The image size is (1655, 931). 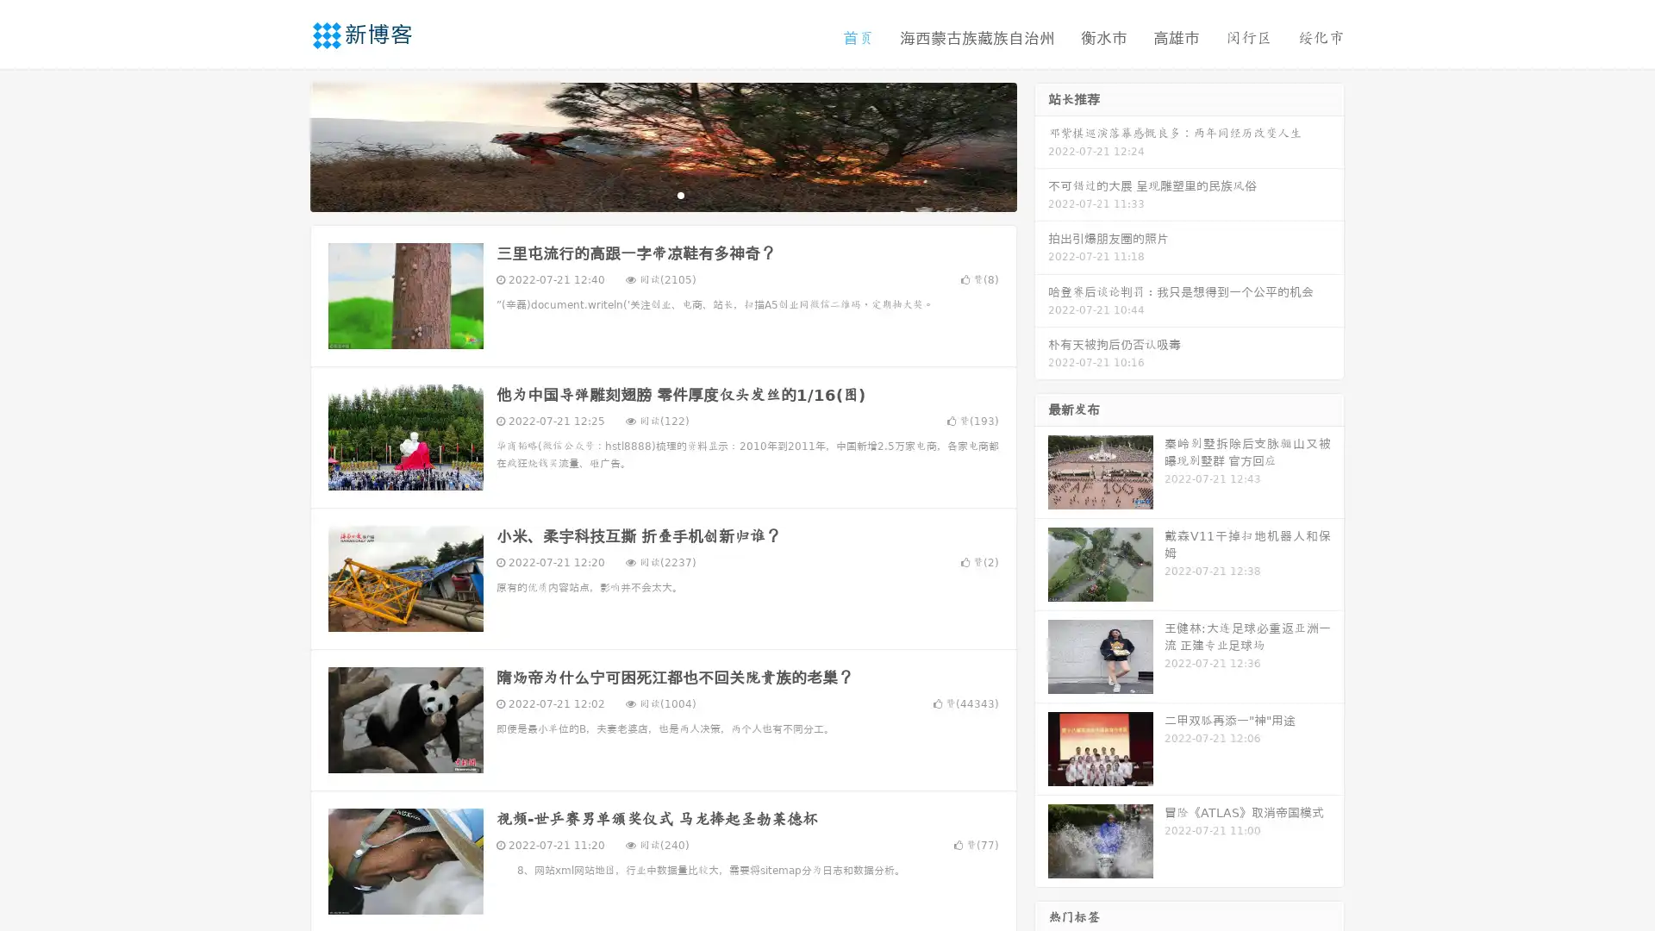 What do you see at coordinates (680, 194) in the screenshot?
I see `Go to slide 3` at bounding box center [680, 194].